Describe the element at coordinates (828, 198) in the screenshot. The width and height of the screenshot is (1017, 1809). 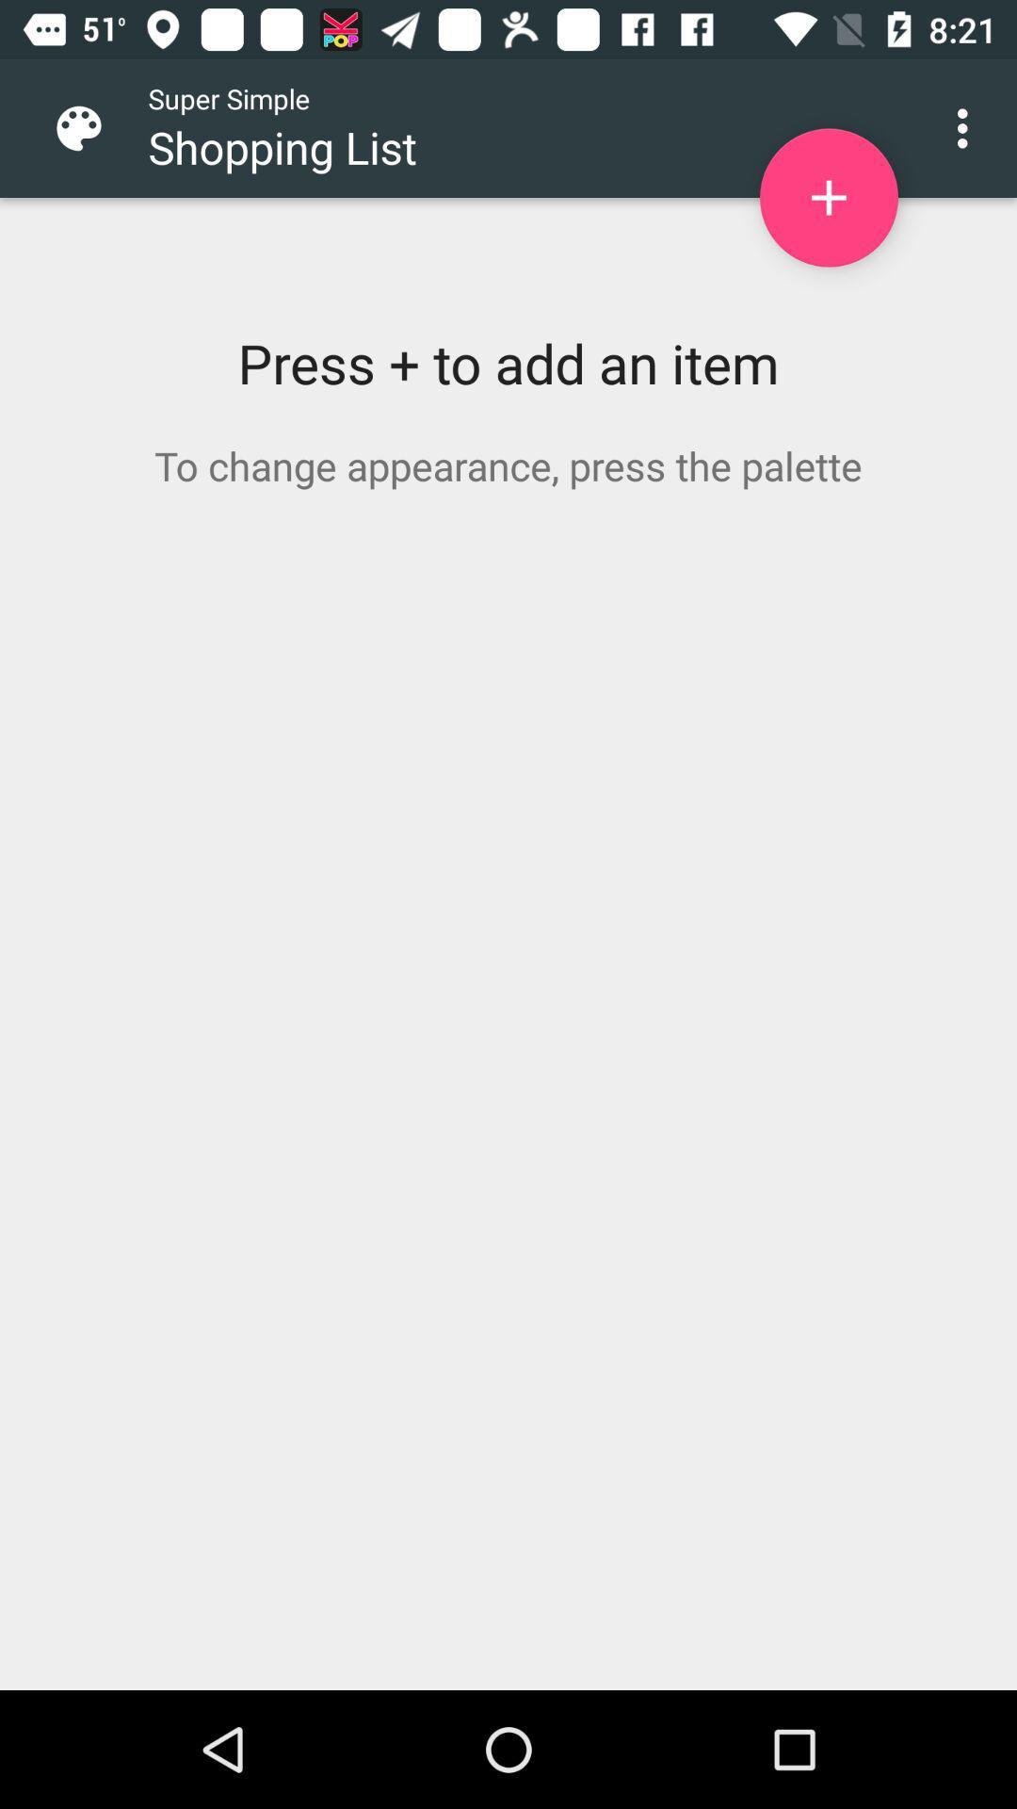
I see `the icon to the right of the shopping list` at that location.